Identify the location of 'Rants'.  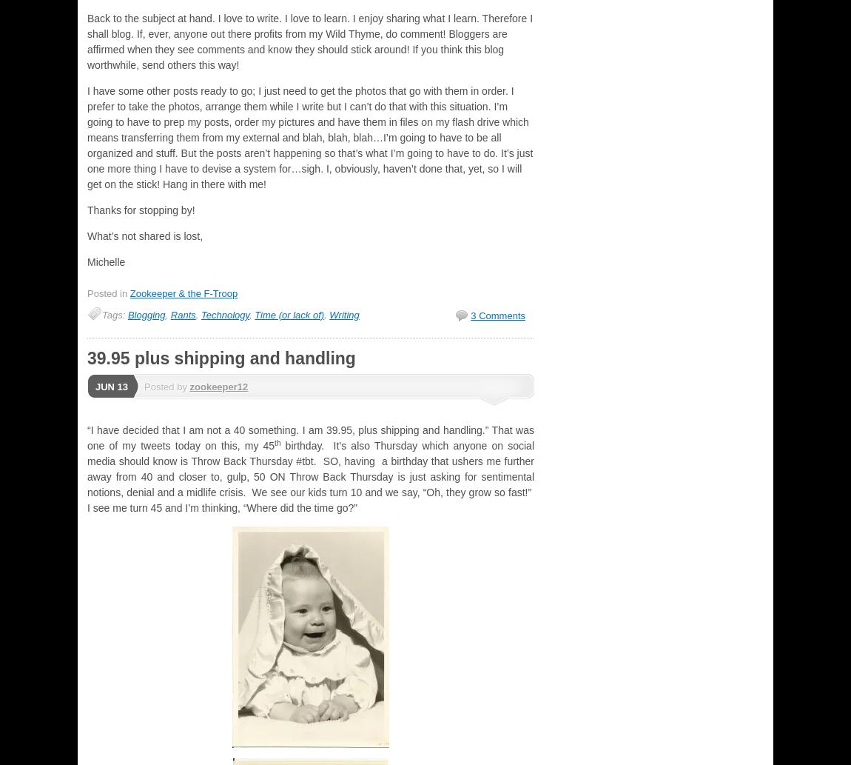
(182, 314).